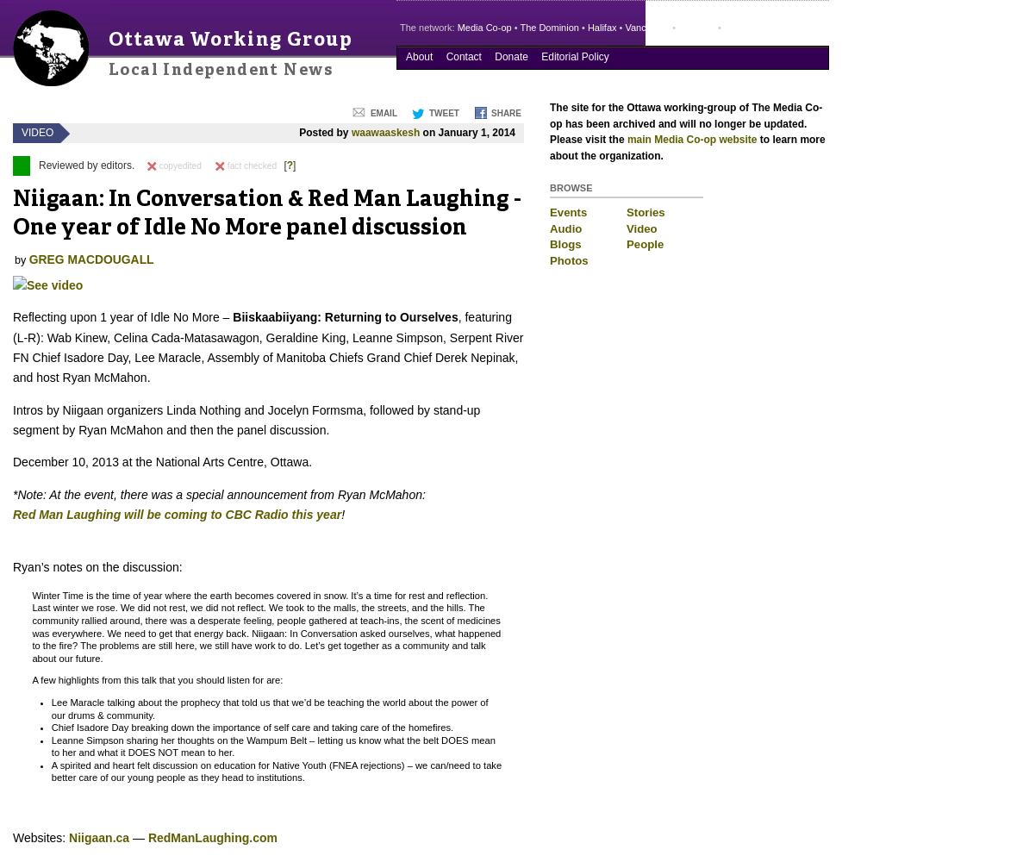 The image size is (1023, 862). What do you see at coordinates (417, 56) in the screenshot?
I see `'About'` at bounding box center [417, 56].